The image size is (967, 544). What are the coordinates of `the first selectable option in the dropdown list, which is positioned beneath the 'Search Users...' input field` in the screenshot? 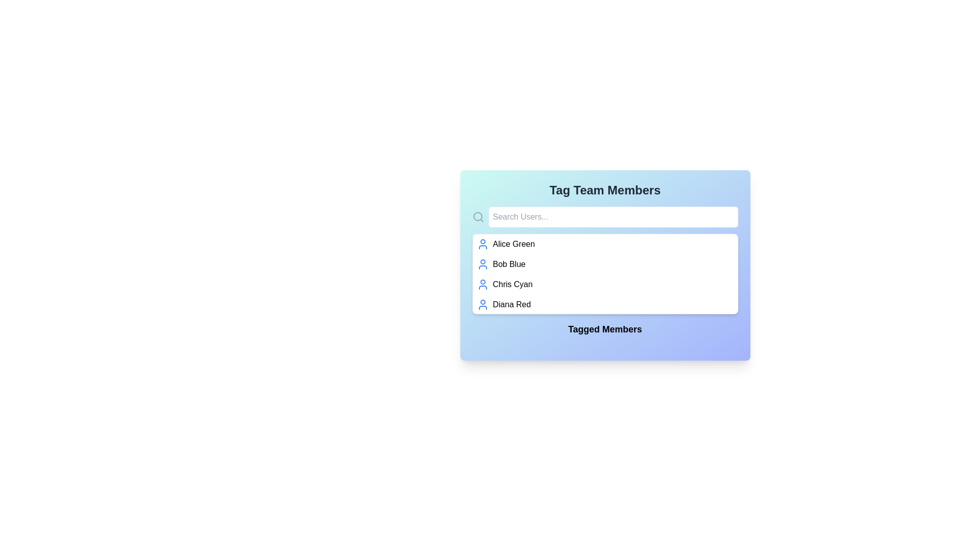 It's located at (604, 244).